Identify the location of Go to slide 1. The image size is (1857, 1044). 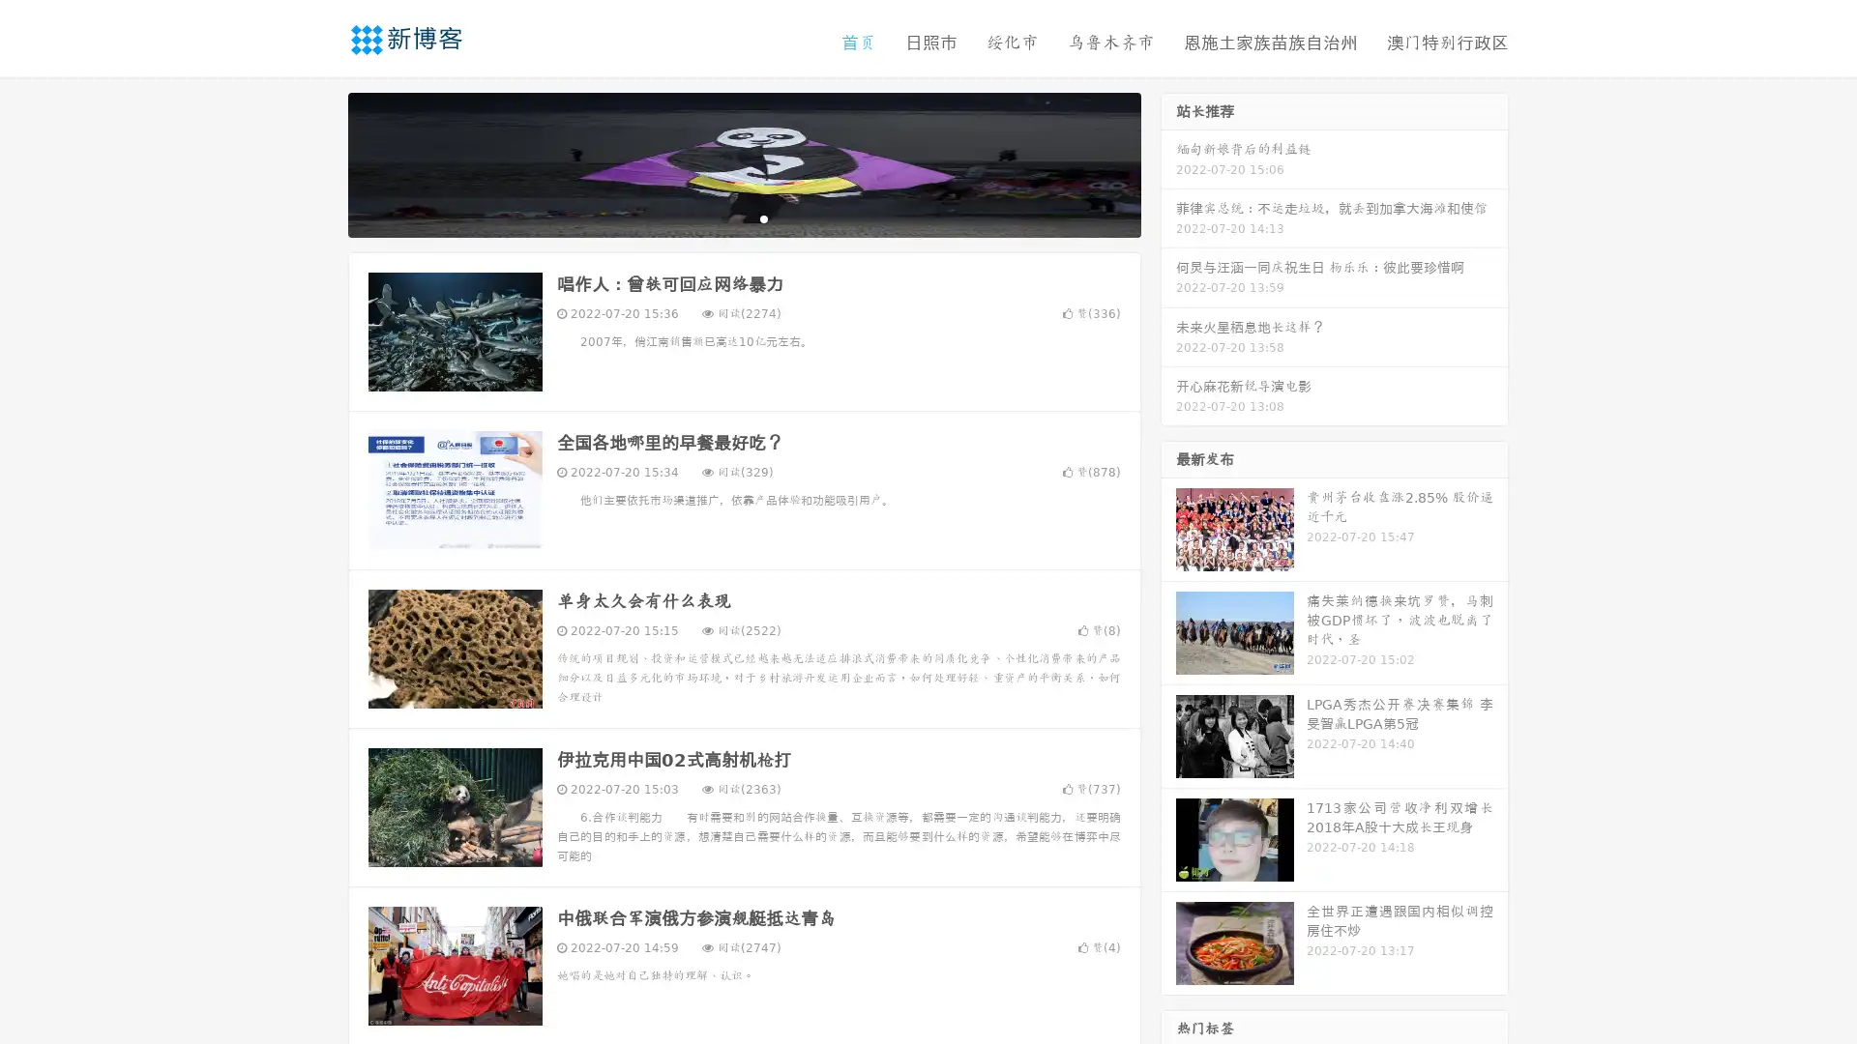
(723, 217).